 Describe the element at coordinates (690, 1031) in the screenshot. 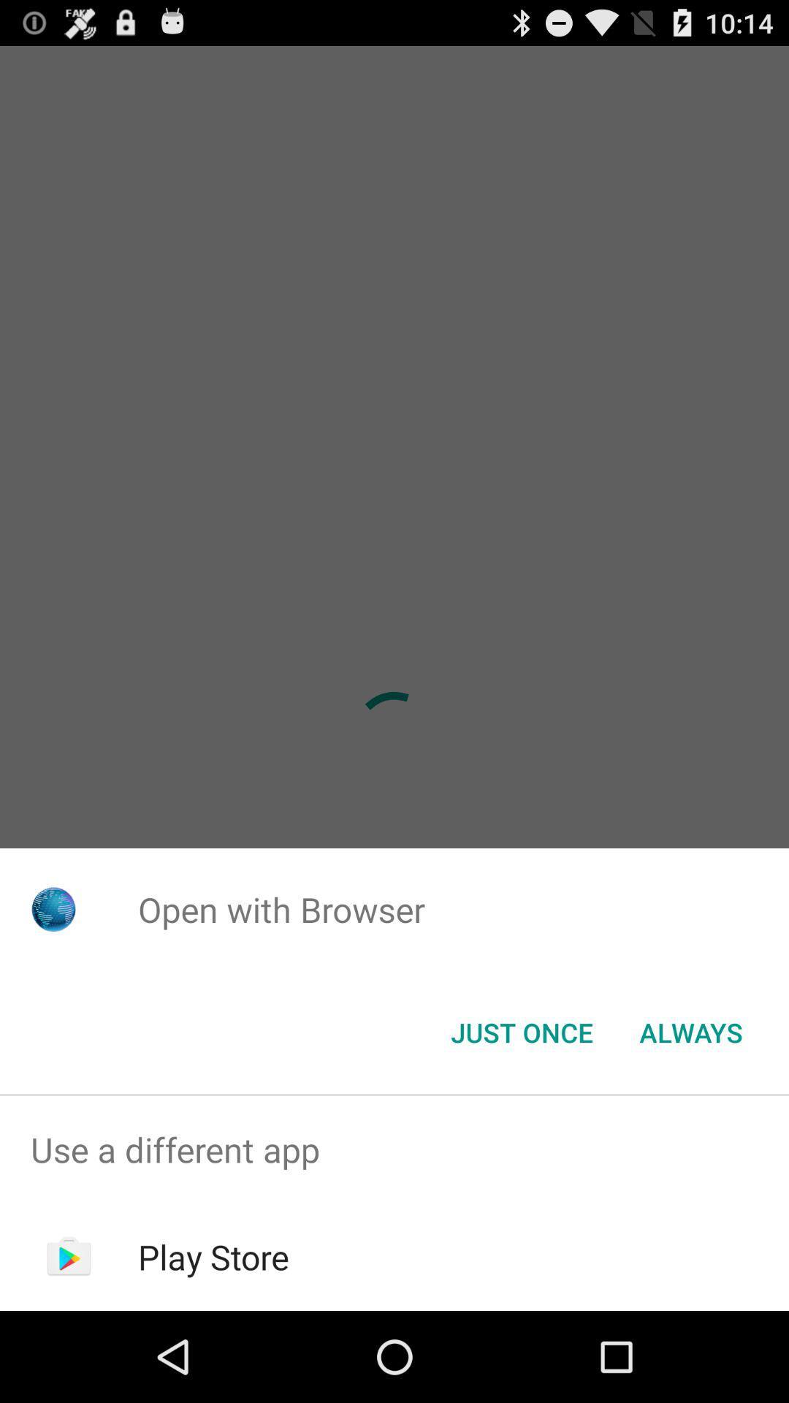

I see `the always icon` at that location.